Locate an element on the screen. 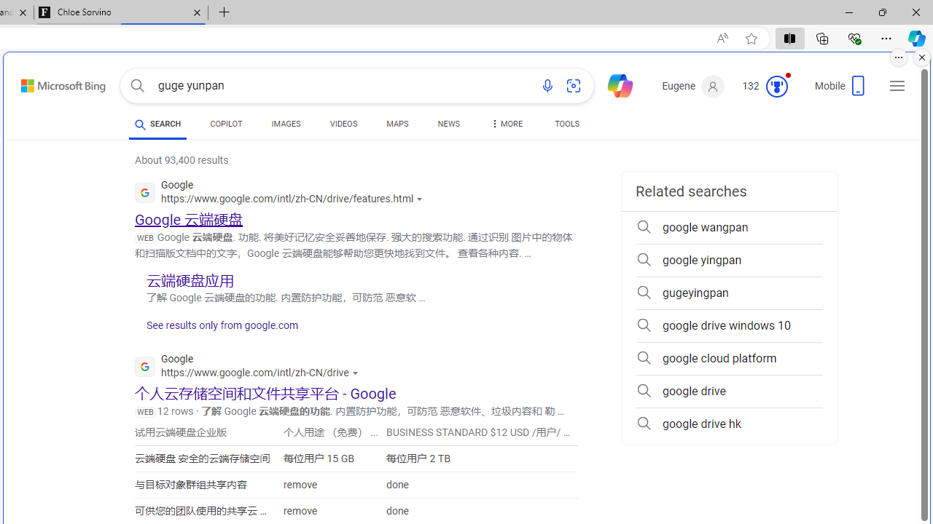 The height and width of the screenshot is (524, 933). 'MORE' is located at coordinates (505, 125).